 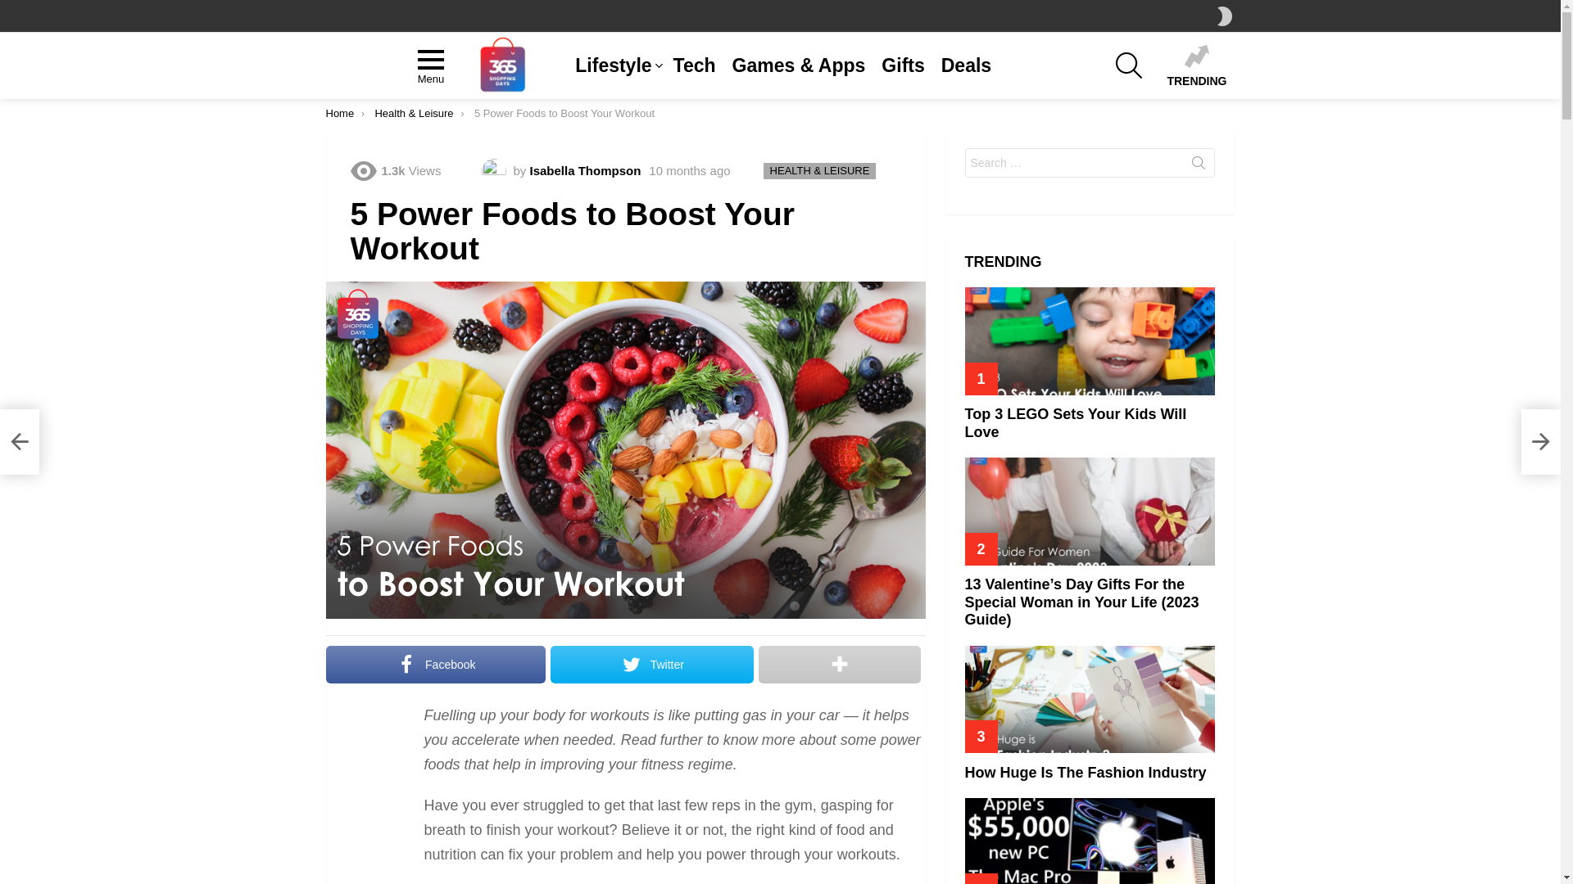 I want to click on 'How Huge Is The Fashion Industry', so click(x=1086, y=773).